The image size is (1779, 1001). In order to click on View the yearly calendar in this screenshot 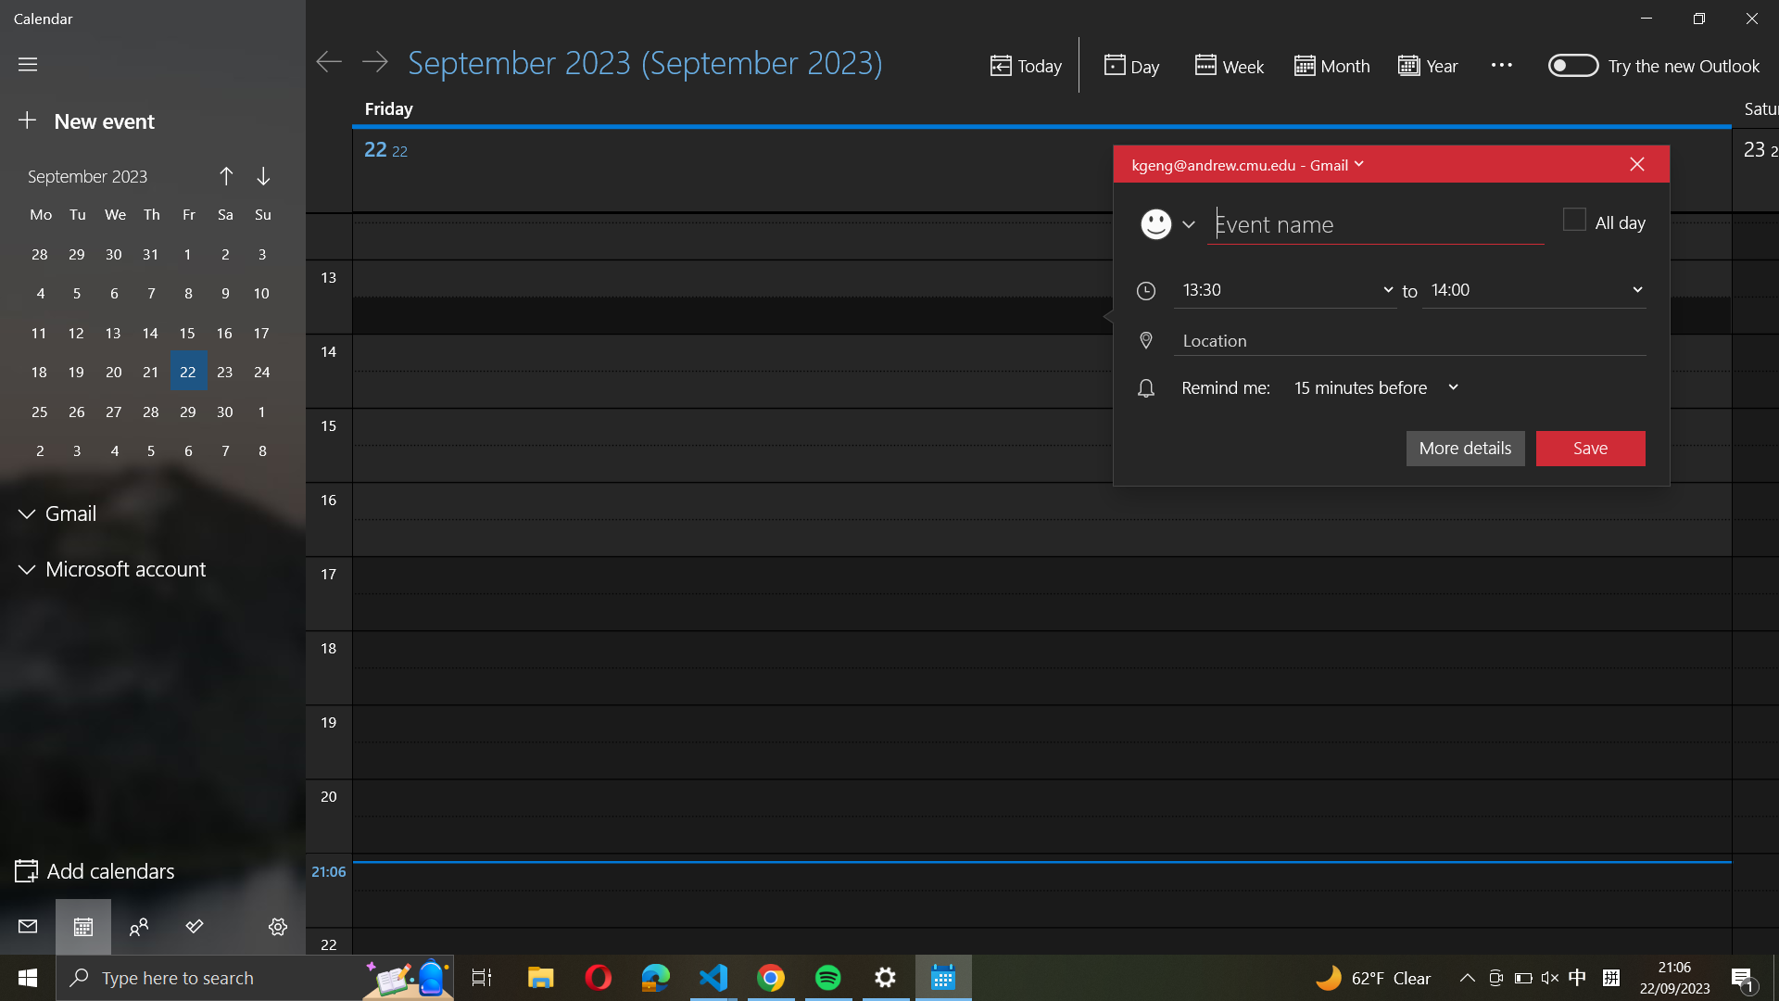, I will do `click(1432, 64)`.